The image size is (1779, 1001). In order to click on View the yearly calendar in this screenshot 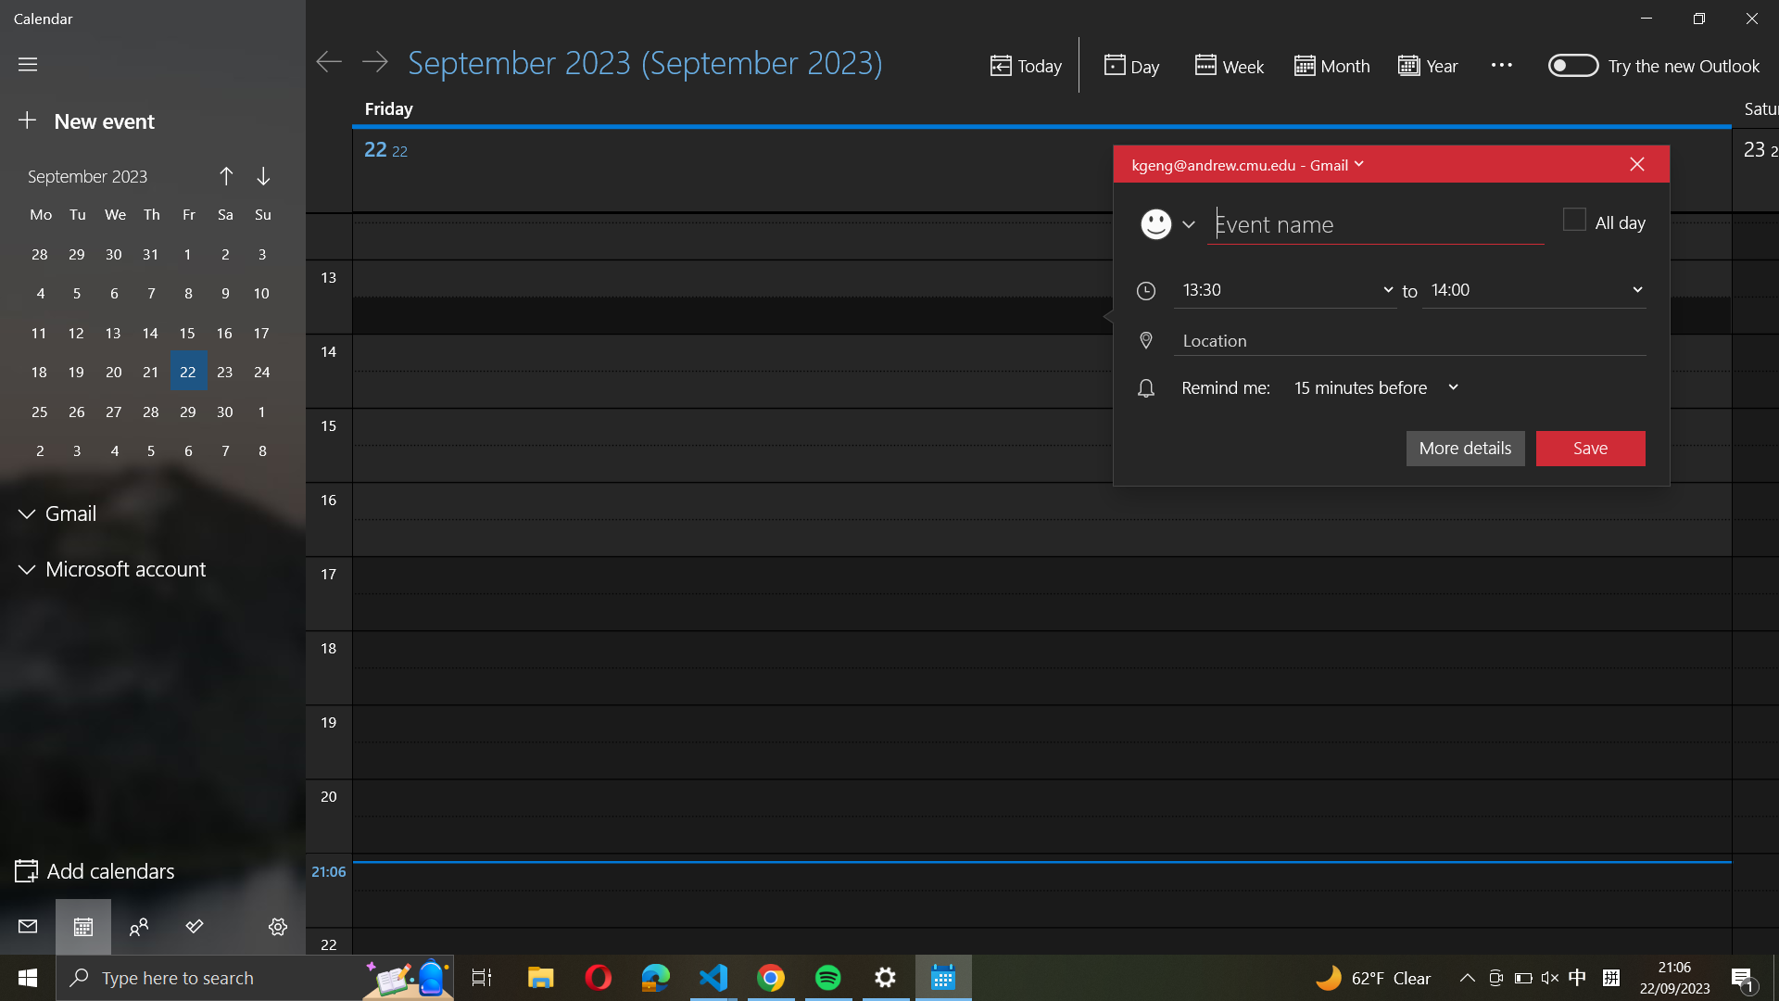, I will do `click(1432, 64)`.